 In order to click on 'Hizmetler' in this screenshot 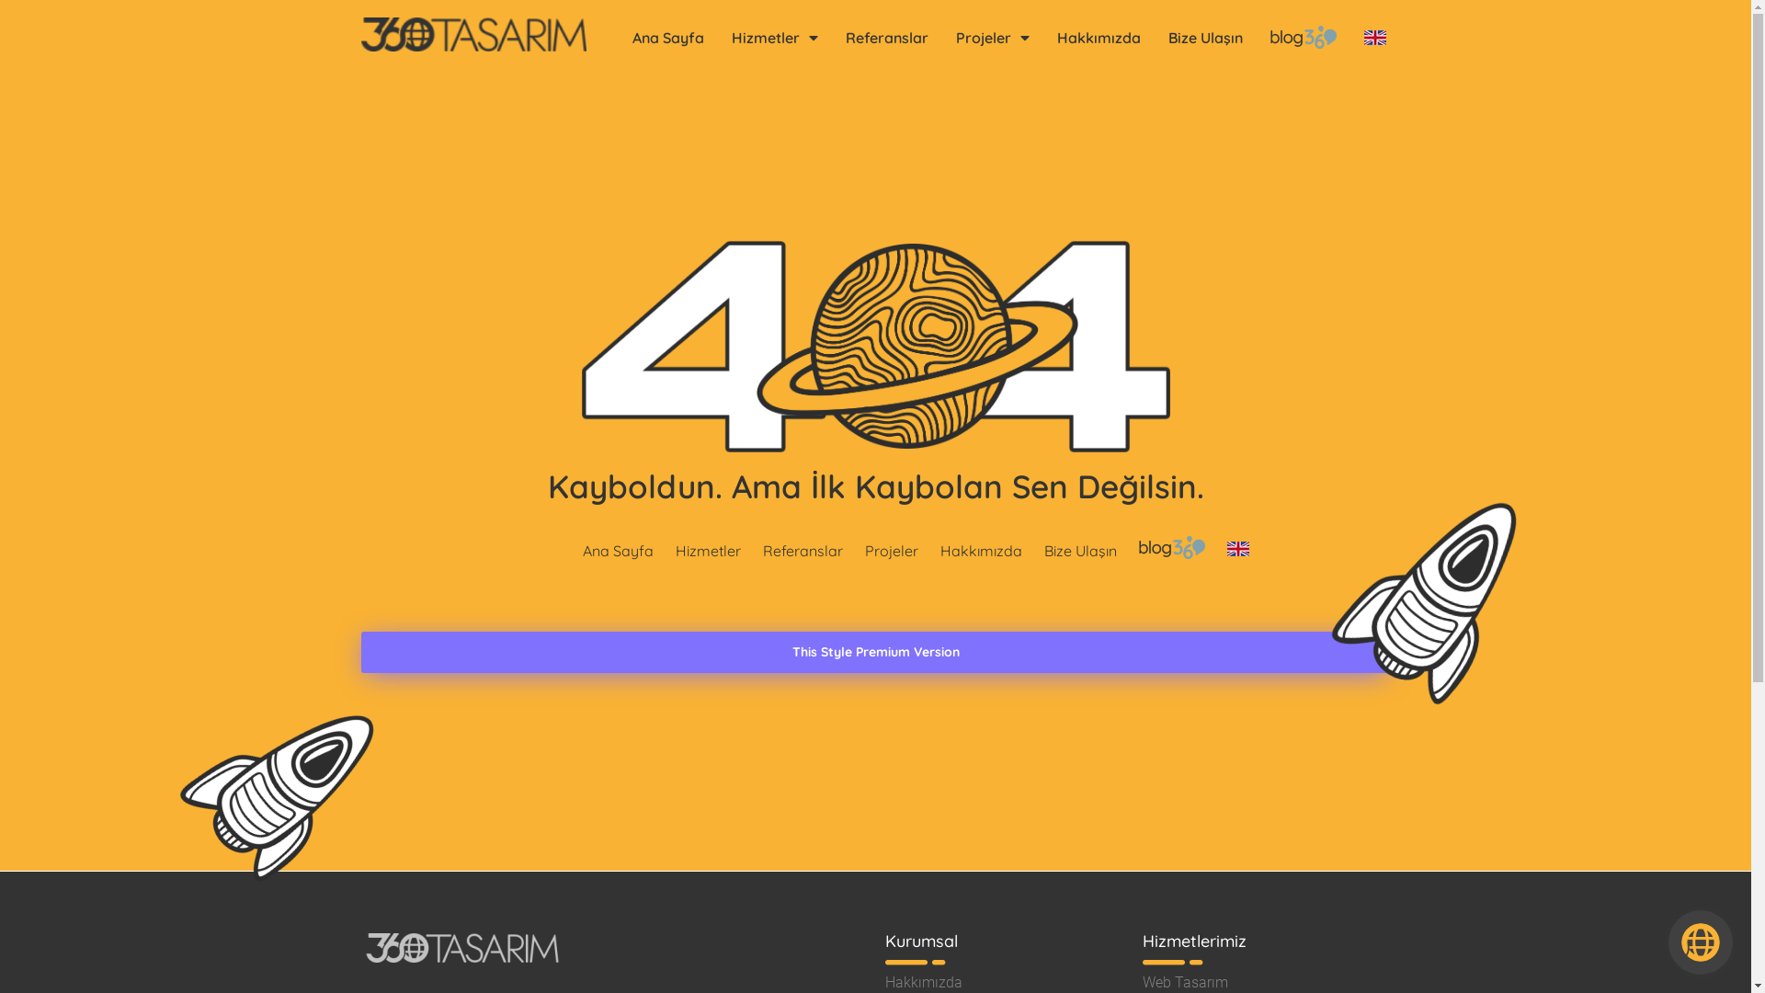, I will do `click(773, 37)`.